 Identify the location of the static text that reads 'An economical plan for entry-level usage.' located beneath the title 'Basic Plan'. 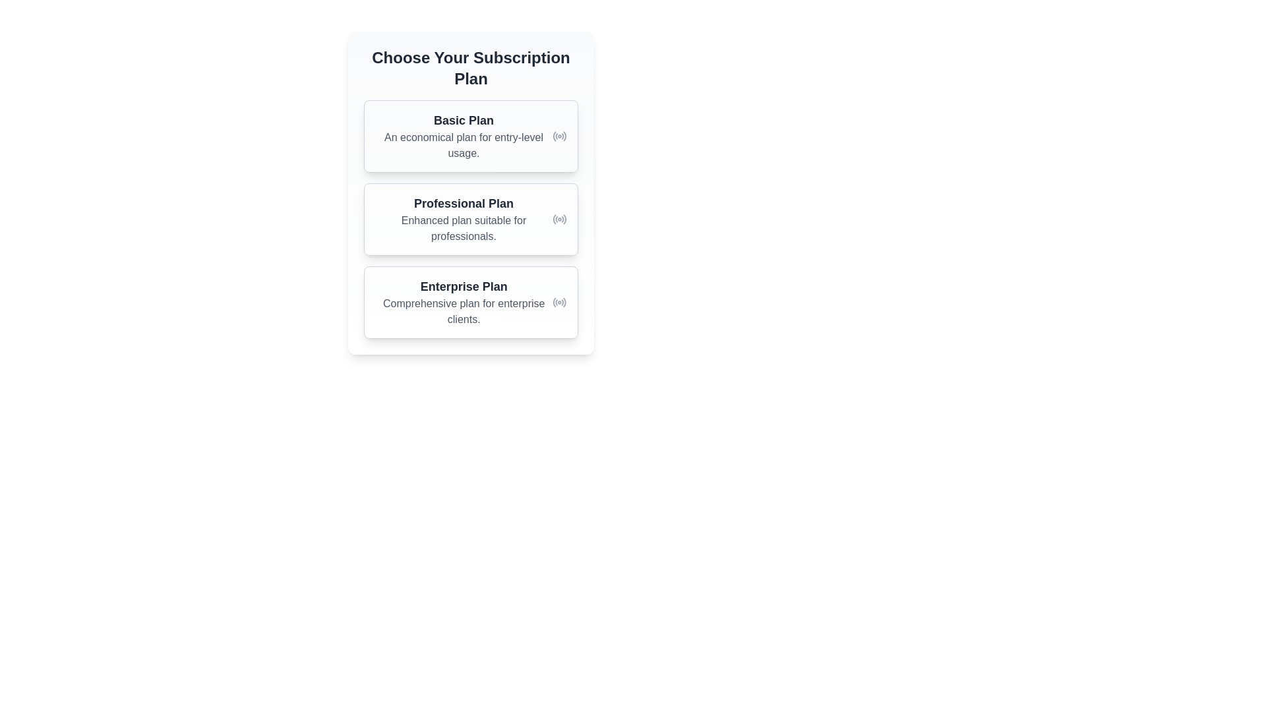
(464, 145).